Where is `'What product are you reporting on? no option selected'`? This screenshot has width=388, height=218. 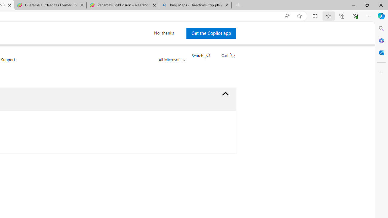 'What product are you reporting on? no option selected' is located at coordinates (225, 94).